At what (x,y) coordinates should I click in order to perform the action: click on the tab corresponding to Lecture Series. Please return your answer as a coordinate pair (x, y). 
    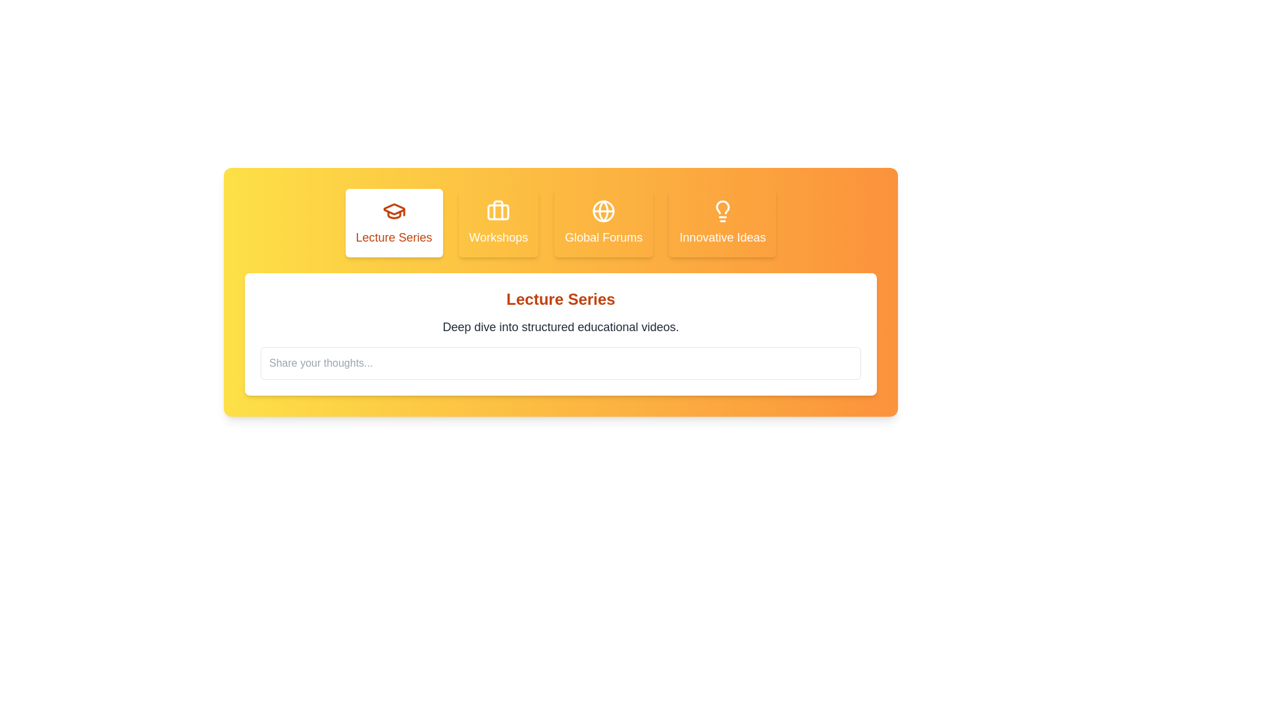
    Looking at the image, I should click on (393, 223).